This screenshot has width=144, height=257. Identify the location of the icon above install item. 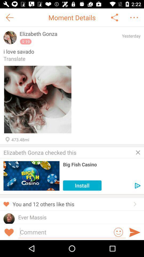
(102, 164).